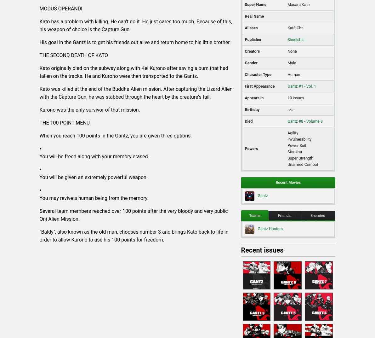  What do you see at coordinates (288, 182) in the screenshot?
I see `'Recent Movies'` at bounding box center [288, 182].